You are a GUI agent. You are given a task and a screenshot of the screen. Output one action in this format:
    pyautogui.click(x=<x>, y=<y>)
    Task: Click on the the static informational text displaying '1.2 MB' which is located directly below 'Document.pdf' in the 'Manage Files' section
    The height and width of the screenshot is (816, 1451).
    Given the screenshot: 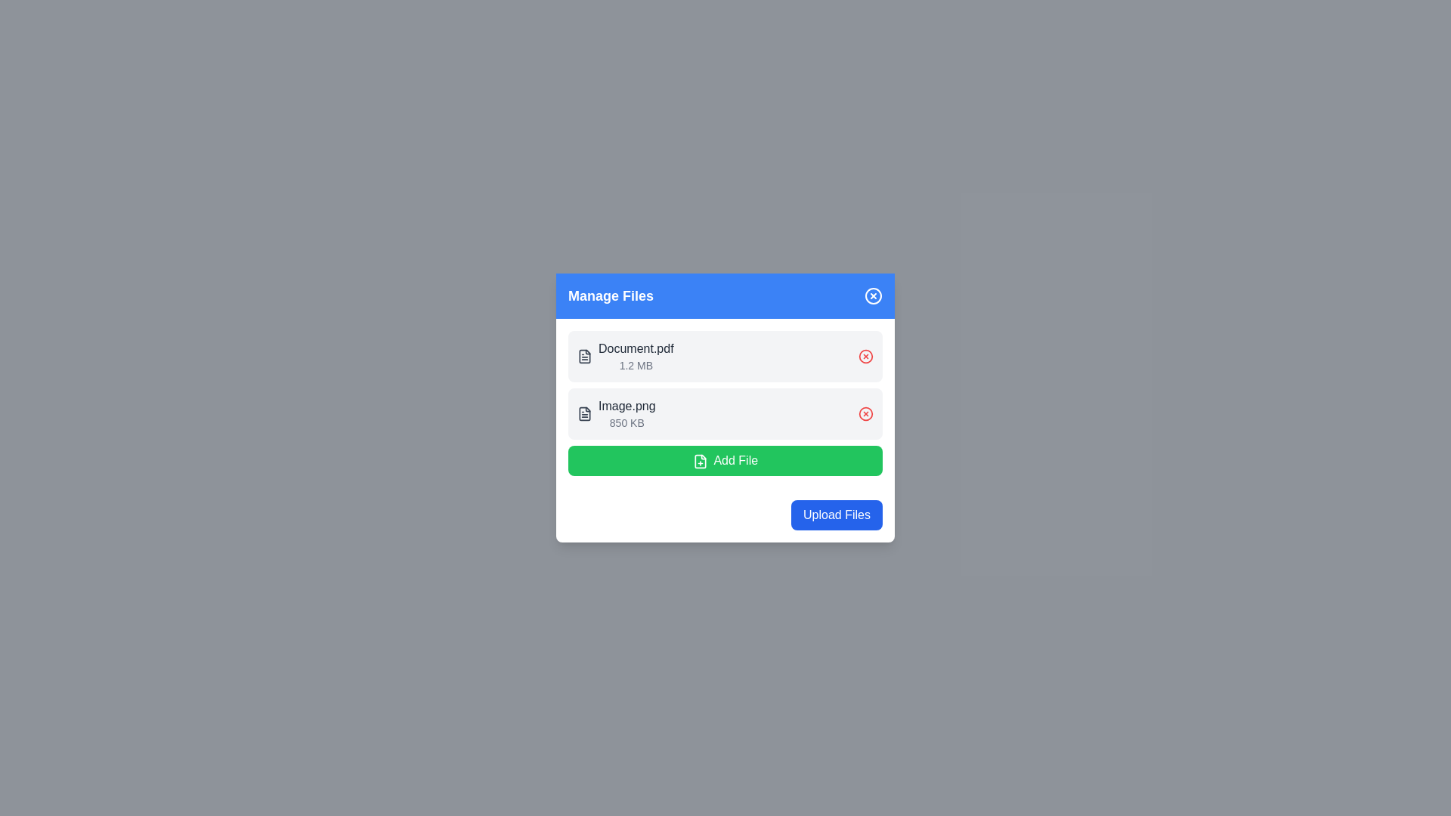 What is the action you would take?
    pyautogui.click(x=636, y=365)
    